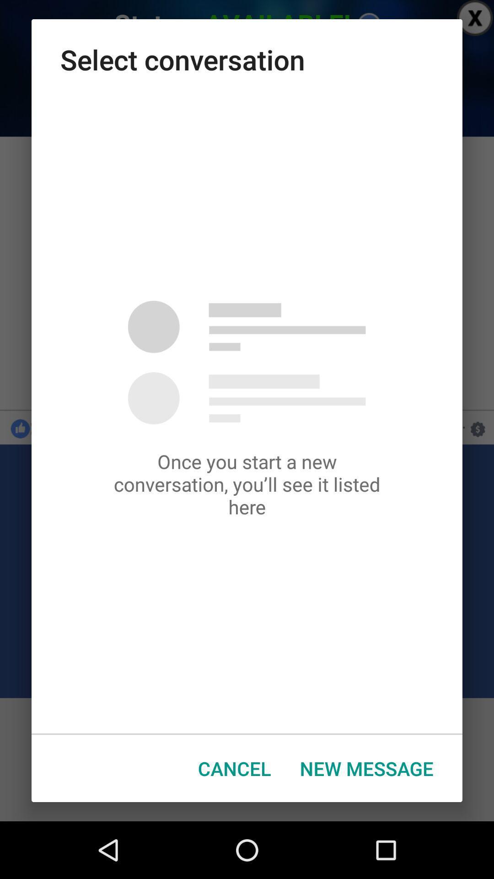  What do you see at coordinates (366, 768) in the screenshot?
I see `the button next to the cancel icon` at bounding box center [366, 768].